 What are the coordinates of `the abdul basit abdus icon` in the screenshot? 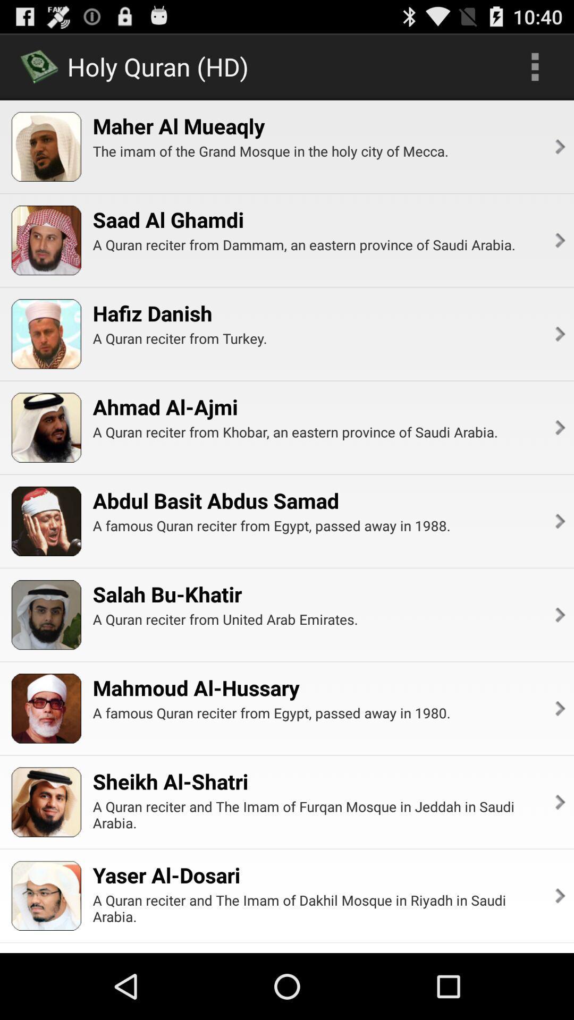 It's located at (215, 500).